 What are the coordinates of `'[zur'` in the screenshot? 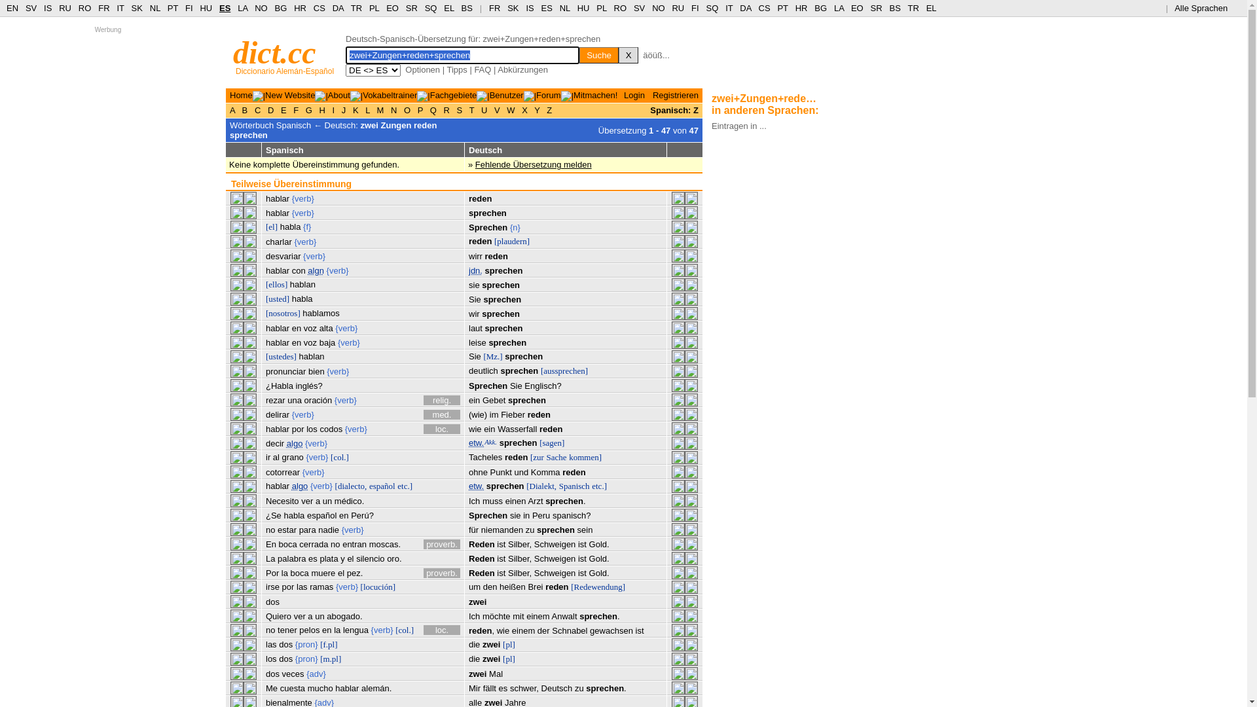 It's located at (530, 456).